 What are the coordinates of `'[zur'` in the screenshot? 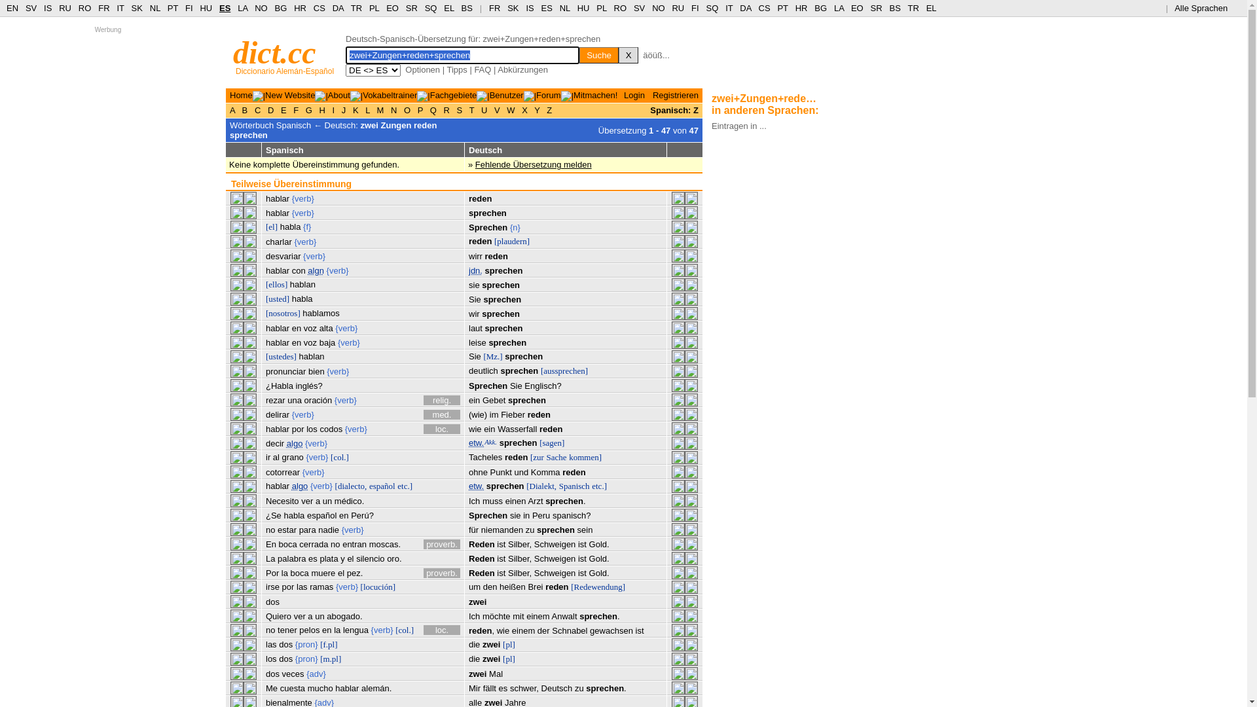 It's located at (530, 456).